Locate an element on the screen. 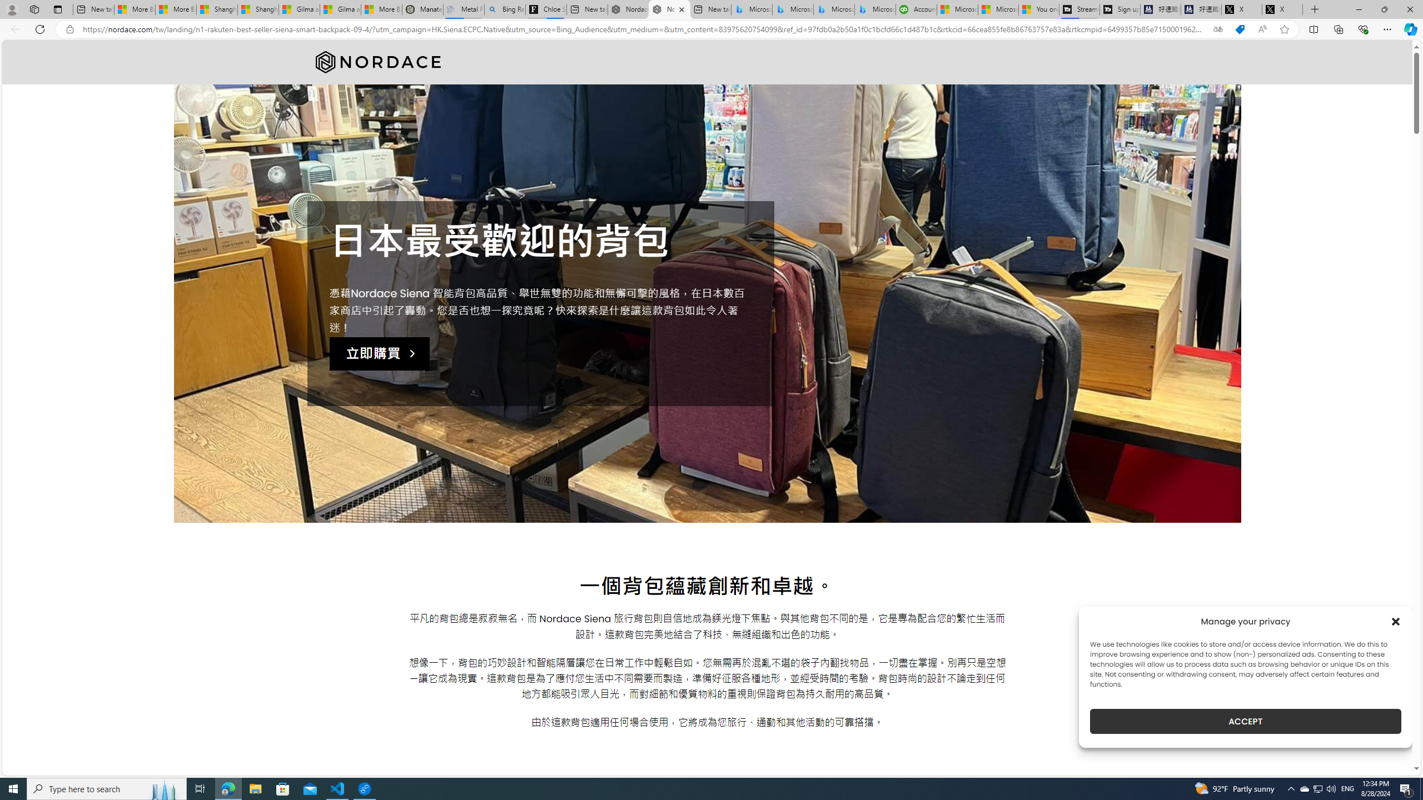 The height and width of the screenshot is (800, 1423). 'Settings and more (Alt+F)' is located at coordinates (1387, 28).